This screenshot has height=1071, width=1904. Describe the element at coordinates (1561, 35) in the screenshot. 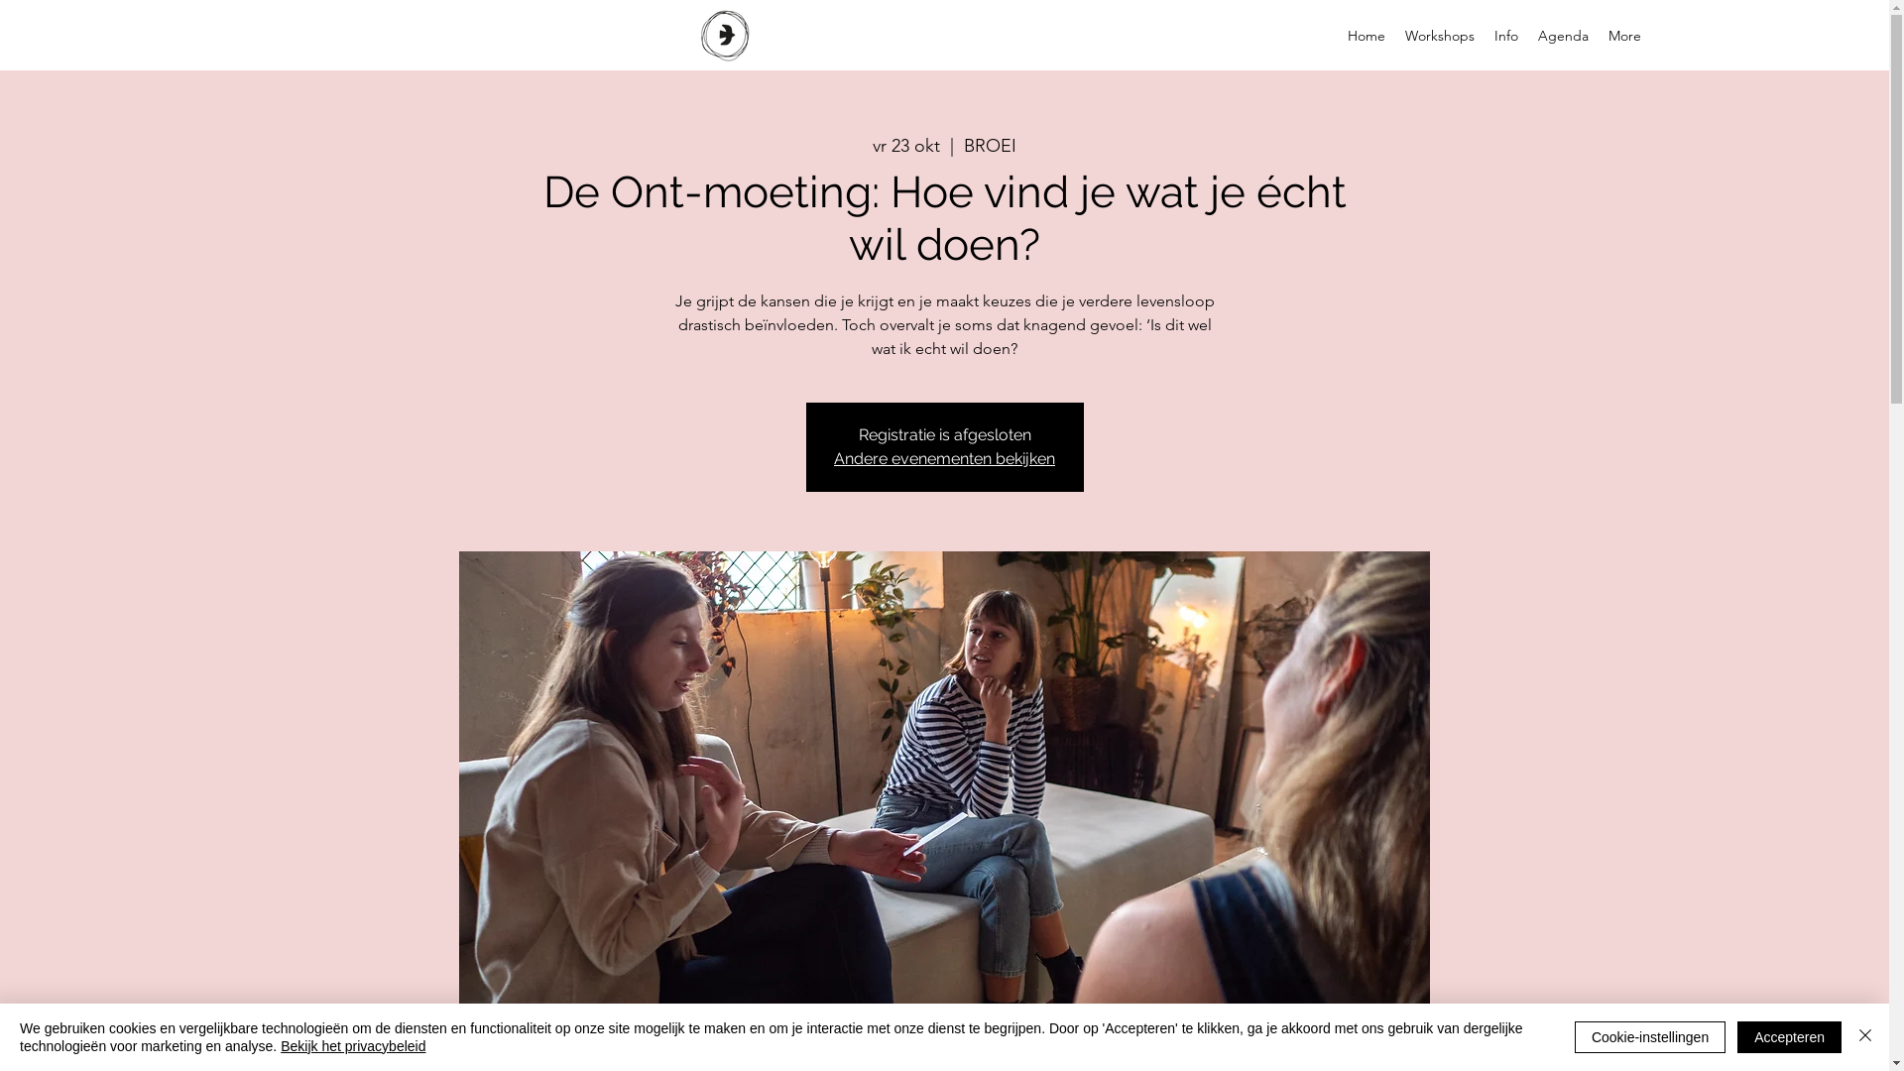

I see `'Agenda'` at that location.